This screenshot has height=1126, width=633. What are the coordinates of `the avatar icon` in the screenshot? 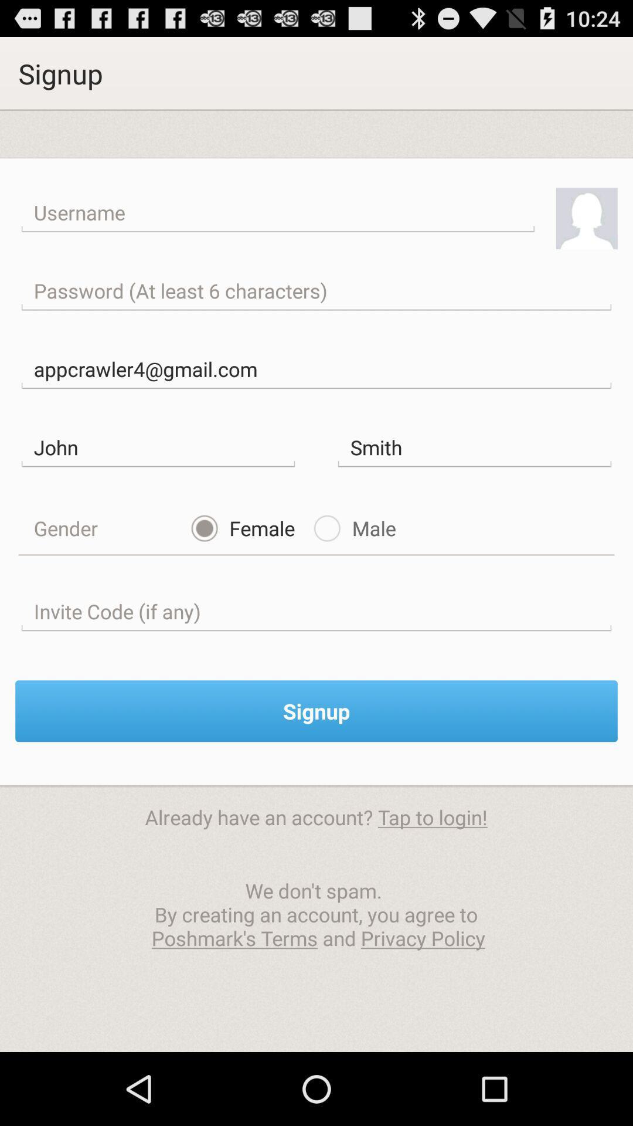 It's located at (587, 233).